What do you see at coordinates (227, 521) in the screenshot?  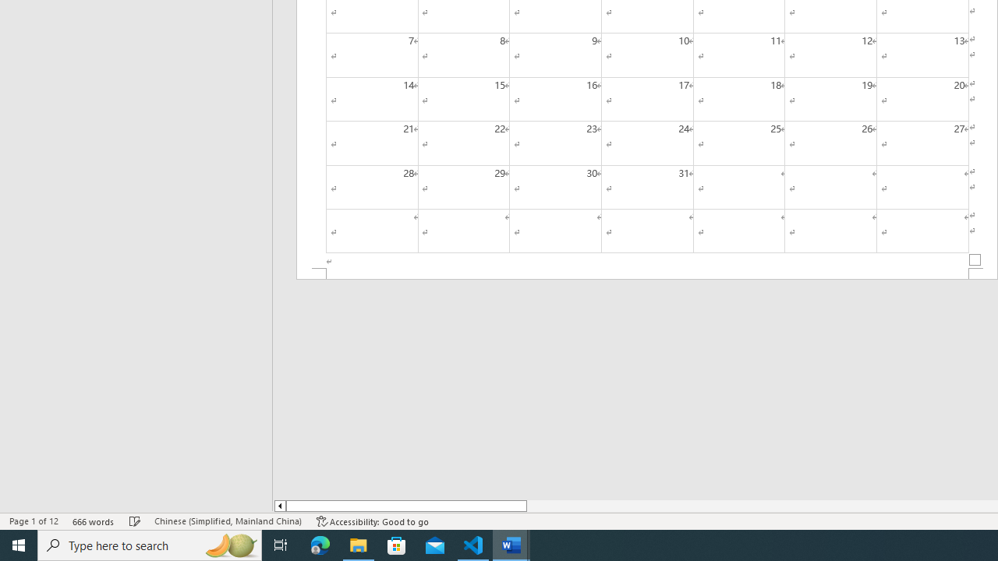 I see `'Language Chinese (Simplified, Mainland China)'` at bounding box center [227, 521].